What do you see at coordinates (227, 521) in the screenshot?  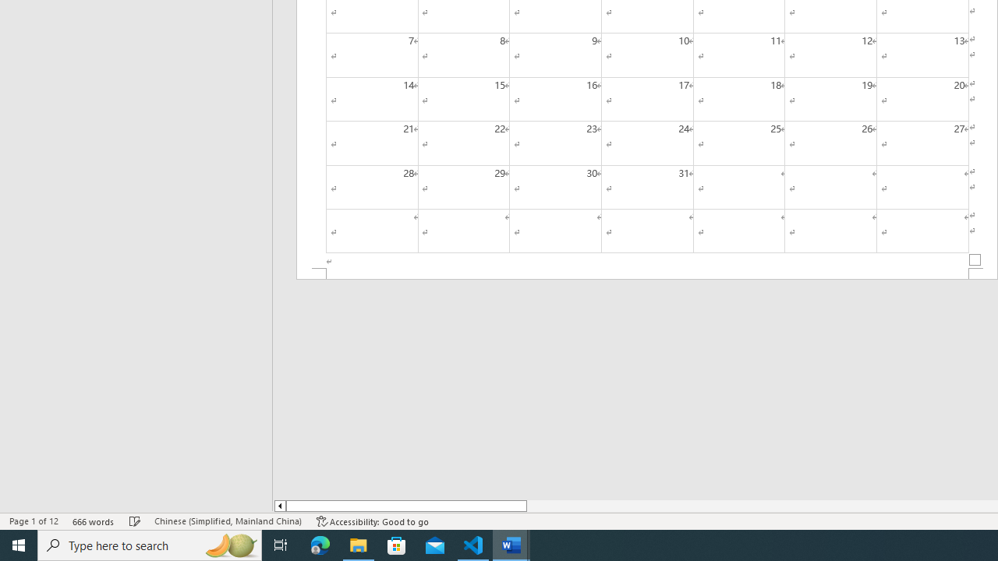 I see `'Language Chinese (Simplified, Mainland China)'` at bounding box center [227, 521].